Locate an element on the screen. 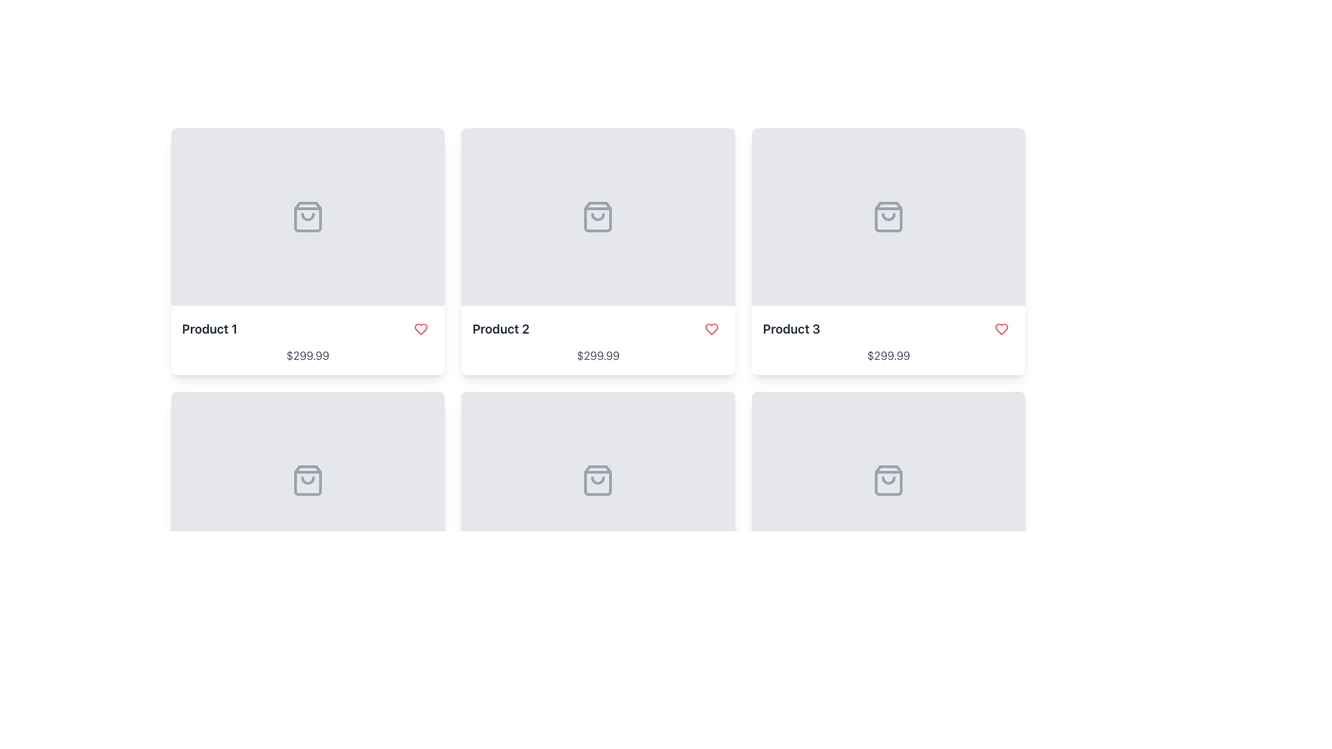 This screenshot has width=1332, height=749. text of the price label displaying '$299.99', which is located below the title 'Product 1' in the product card is located at coordinates (307, 355).